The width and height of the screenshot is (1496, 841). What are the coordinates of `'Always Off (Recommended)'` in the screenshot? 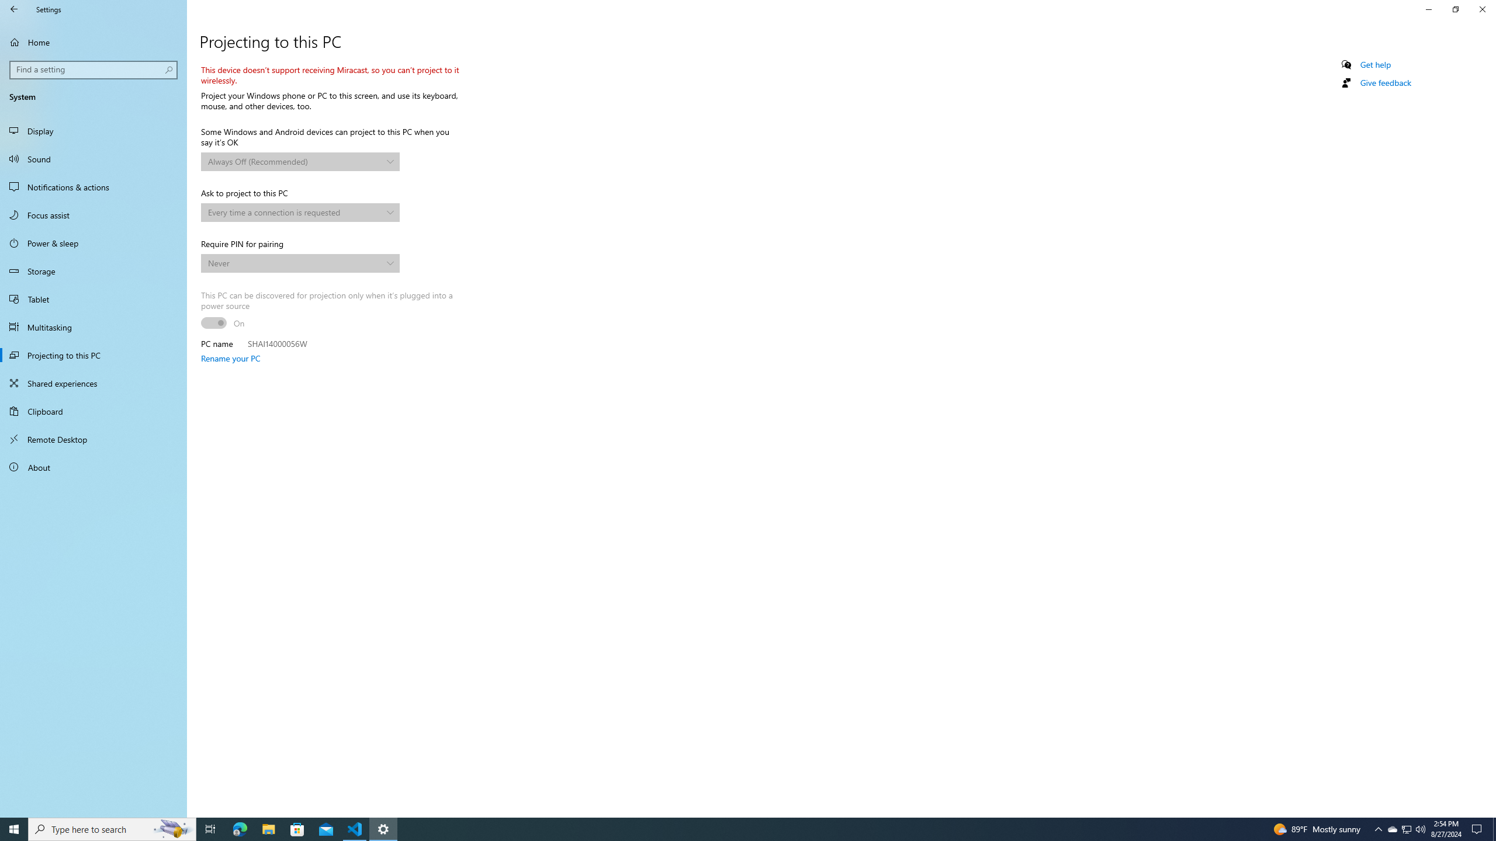 It's located at (295, 161).